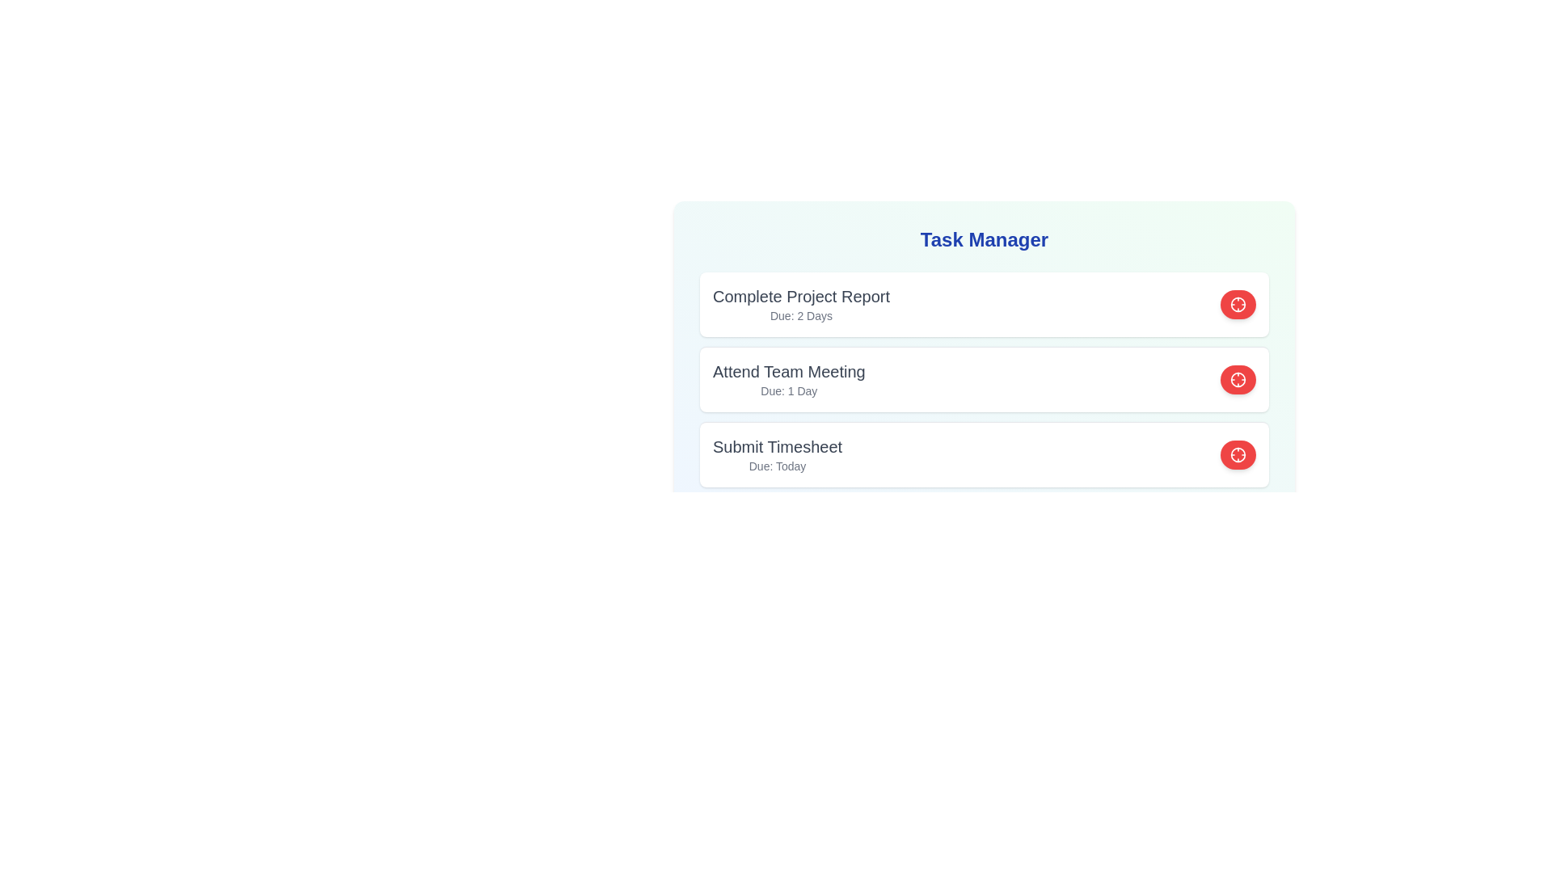 The height and width of the screenshot is (873, 1552). I want to click on the SVG icon representing the 'Submit Timesheet' task, which is the third item in the task list and is visually identifiable by its circular shape, so click(1237, 455).